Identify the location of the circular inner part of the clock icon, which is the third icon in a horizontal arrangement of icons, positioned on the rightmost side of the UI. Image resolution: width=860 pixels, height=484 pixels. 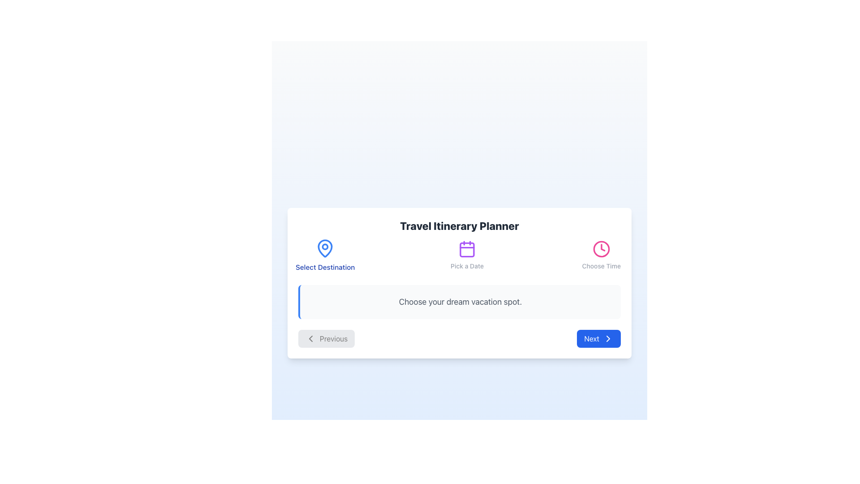
(601, 249).